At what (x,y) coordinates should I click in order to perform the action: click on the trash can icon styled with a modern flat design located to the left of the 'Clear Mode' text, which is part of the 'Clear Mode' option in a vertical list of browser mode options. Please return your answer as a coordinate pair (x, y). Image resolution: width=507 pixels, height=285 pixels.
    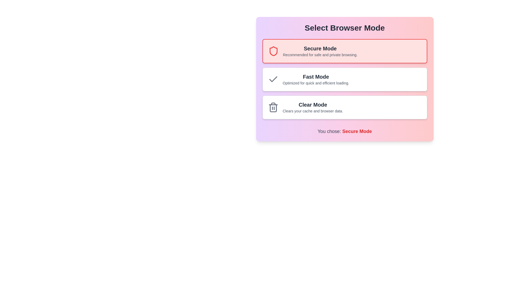
    Looking at the image, I should click on (273, 107).